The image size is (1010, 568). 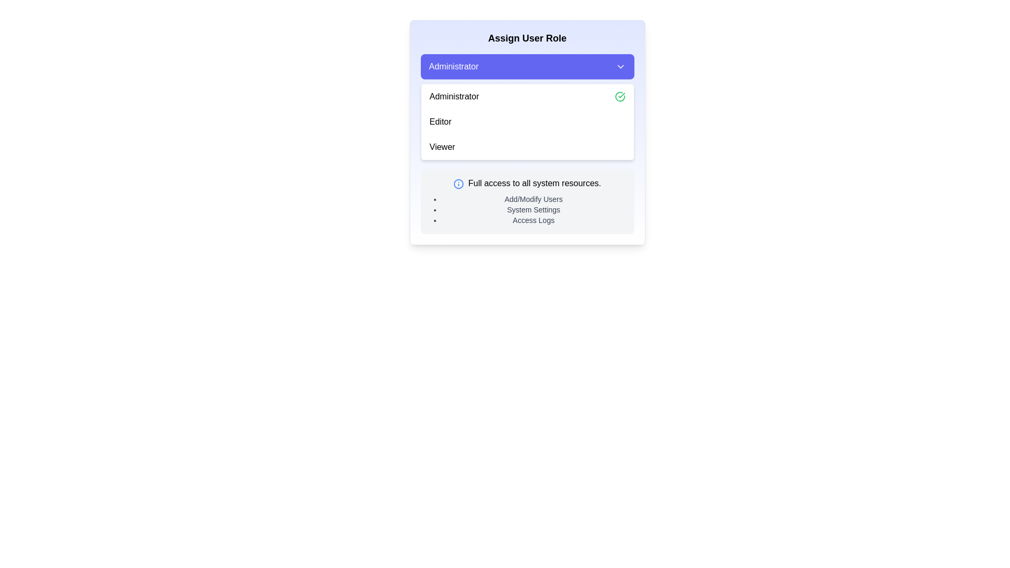 What do you see at coordinates (533, 220) in the screenshot?
I see `static text element labeled 'Access Logs' which is displayed in gray font and is the third item in a bulleted list` at bounding box center [533, 220].